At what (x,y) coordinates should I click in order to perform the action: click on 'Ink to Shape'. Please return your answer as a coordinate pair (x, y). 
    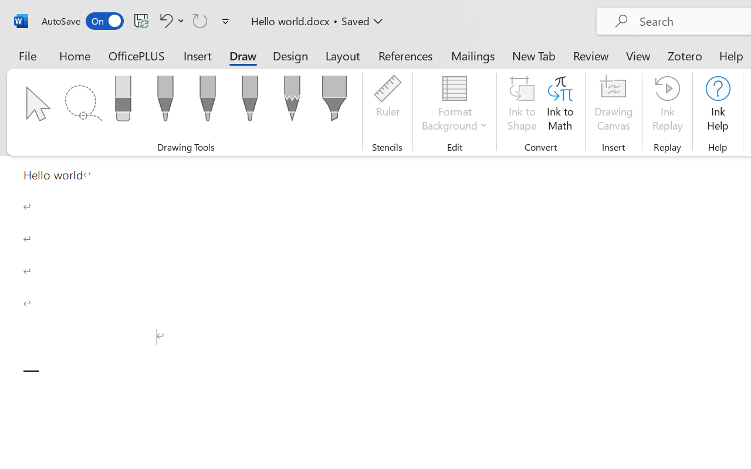
    Looking at the image, I should click on (522, 105).